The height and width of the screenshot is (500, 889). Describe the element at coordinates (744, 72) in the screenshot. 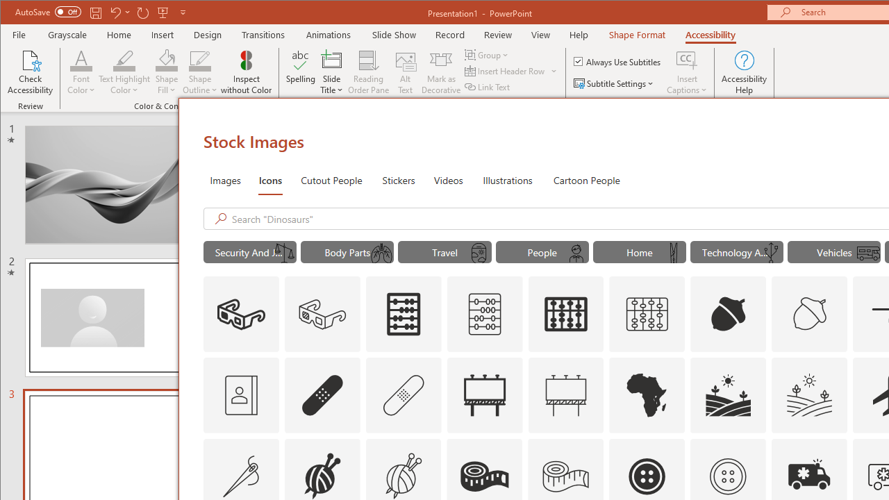

I see `'Accessibility Help'` at that location.